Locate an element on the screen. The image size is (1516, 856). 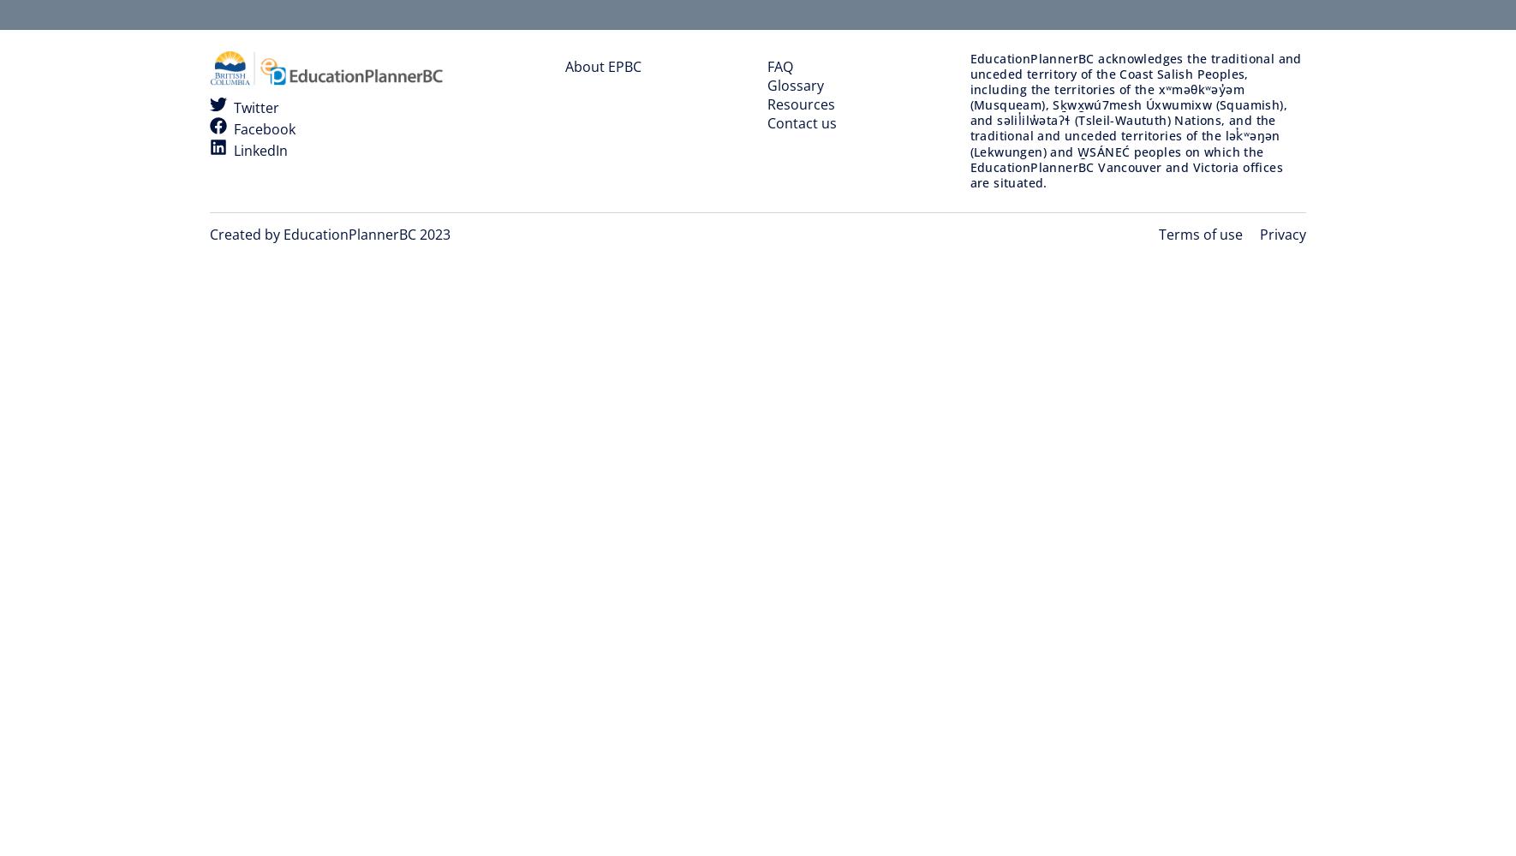
'Contact us' is located at coordinates (801, 122).